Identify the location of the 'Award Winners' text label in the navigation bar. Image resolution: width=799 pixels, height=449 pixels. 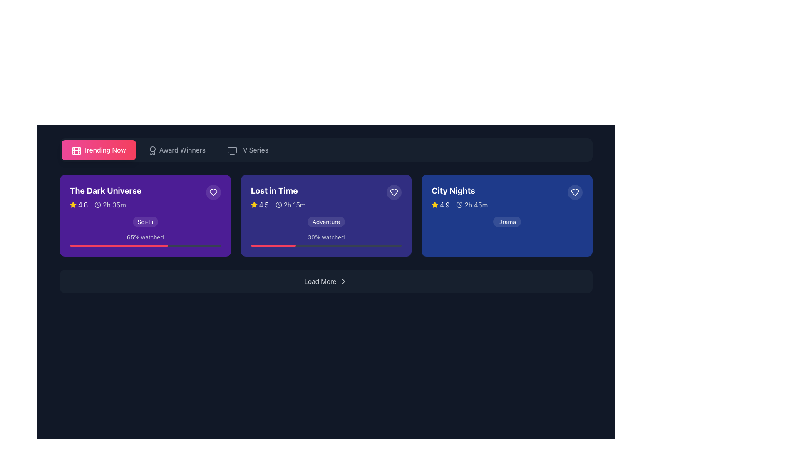
(181, 150).